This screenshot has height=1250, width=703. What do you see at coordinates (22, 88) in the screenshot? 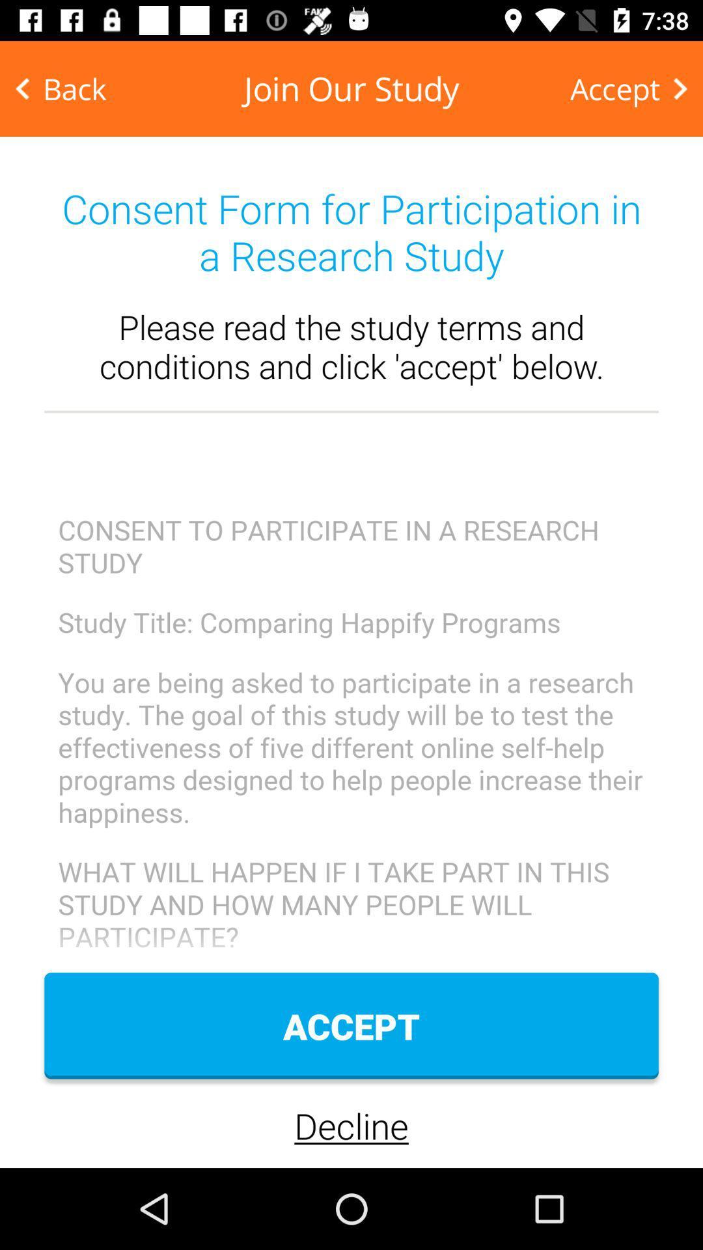
I see `the arrow_backward icon` at bounding box center [22, 88].